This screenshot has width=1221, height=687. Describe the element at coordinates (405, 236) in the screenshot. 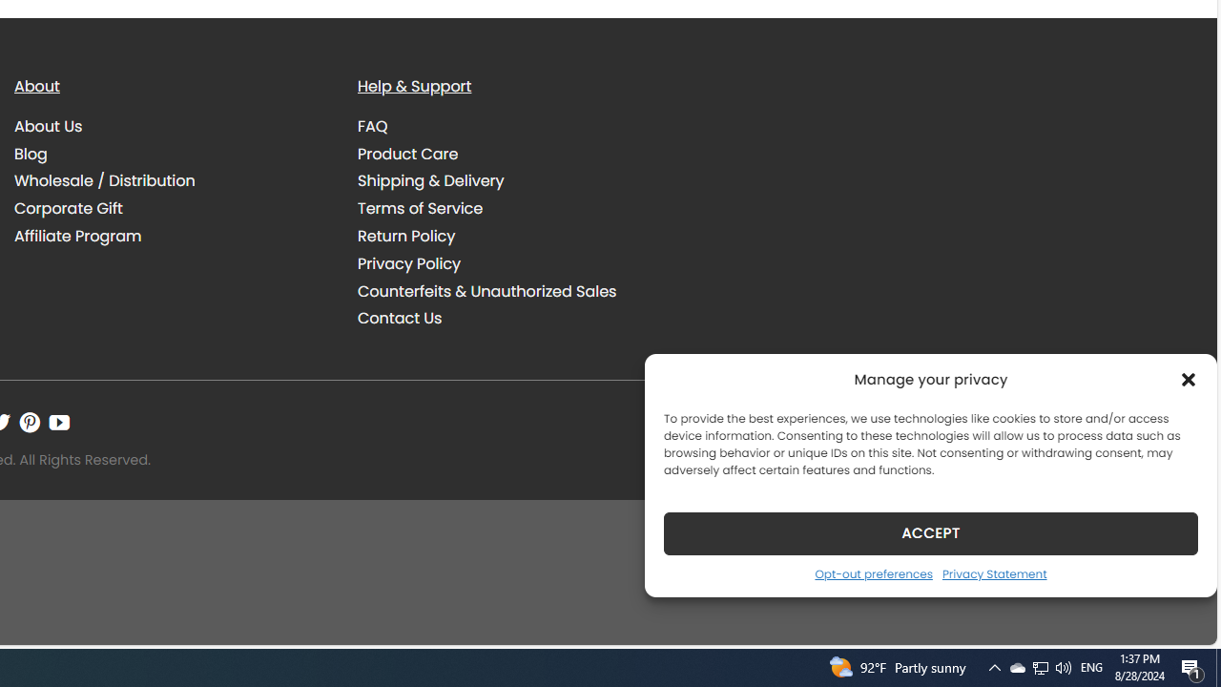

I see `'Return Policy'` at that location.